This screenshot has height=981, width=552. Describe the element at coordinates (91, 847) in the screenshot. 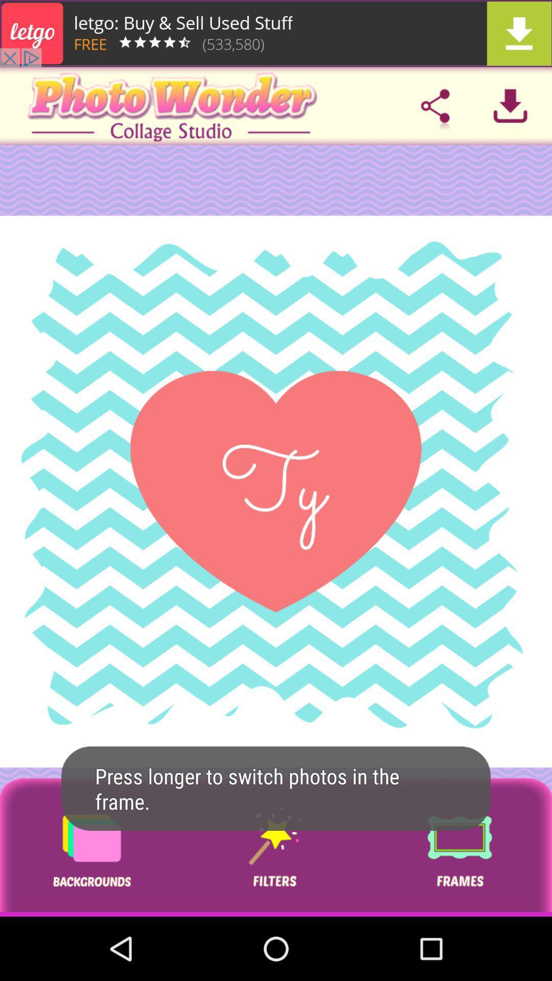

I see `backgrounds` at that location.